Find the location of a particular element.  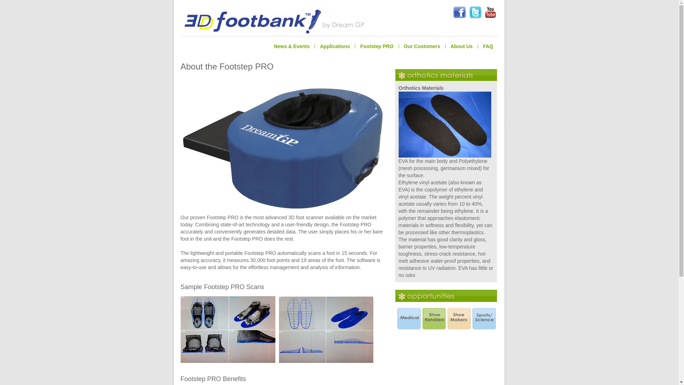

'About Us' is located at coordinates (461, 46).